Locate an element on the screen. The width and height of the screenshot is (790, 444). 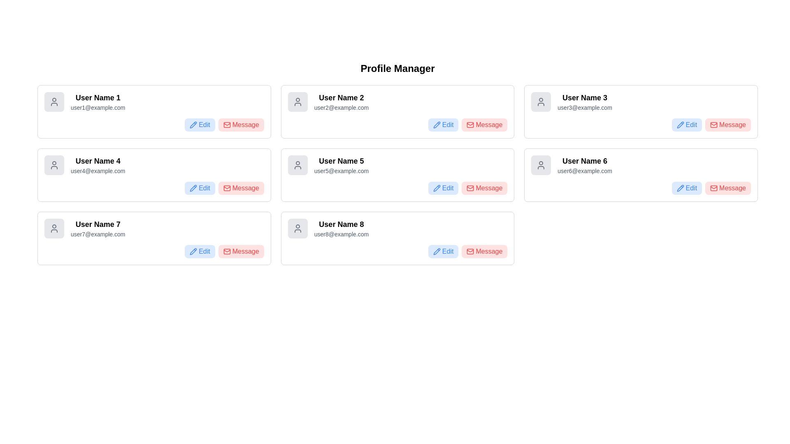
the pencil icon with a blue outline inside the 'Edit' button located in the second card of the first row is located at coordinates (436, 125).